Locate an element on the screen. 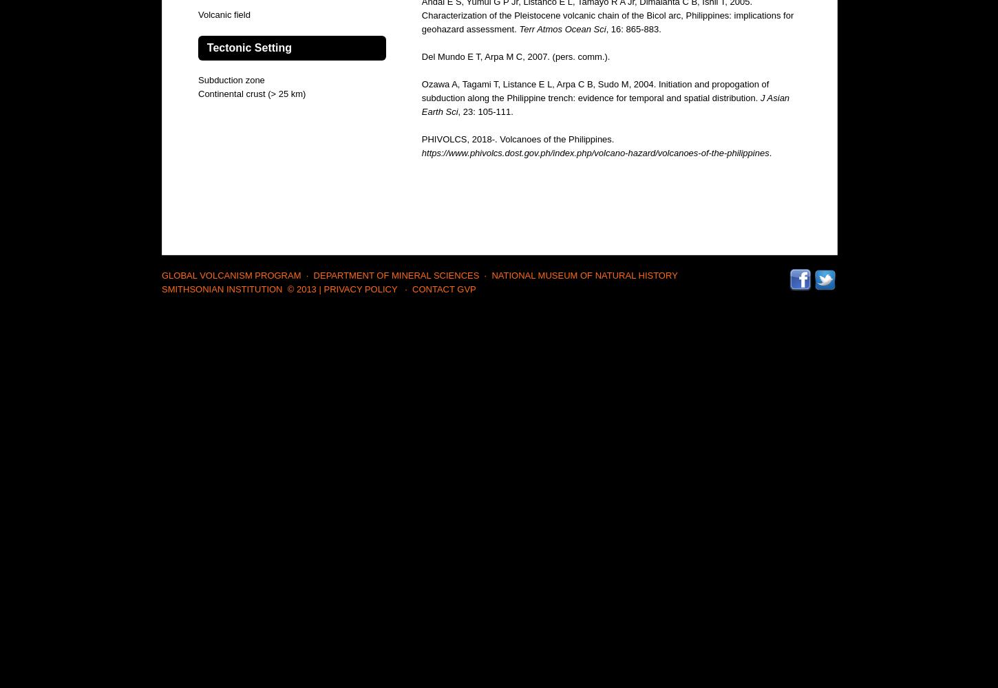 The image size is (998, 688). 'PHIVOLCS, 2018-. Volcanoes of the Philippines.' is located at coordinates (517, 138).